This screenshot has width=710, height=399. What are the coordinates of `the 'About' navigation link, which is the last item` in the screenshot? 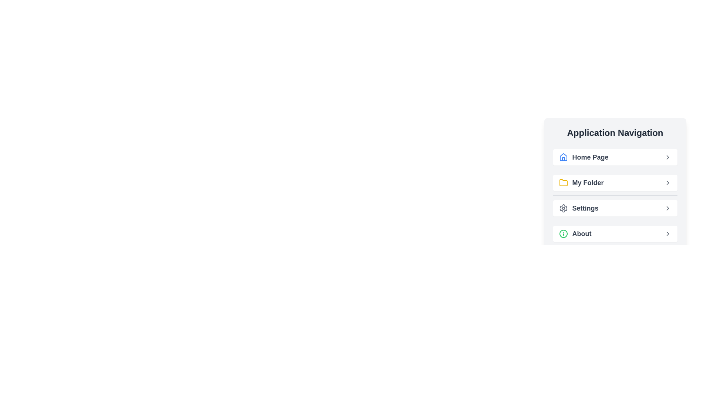 It's located at (615, 233).